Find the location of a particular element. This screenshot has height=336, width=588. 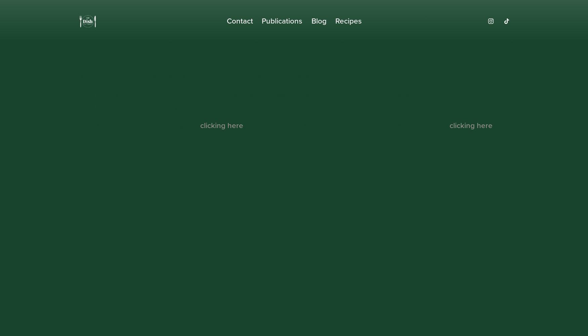

'We couldn't find the page you were looking for. This is either because:' is located at coordinates (197, 76).